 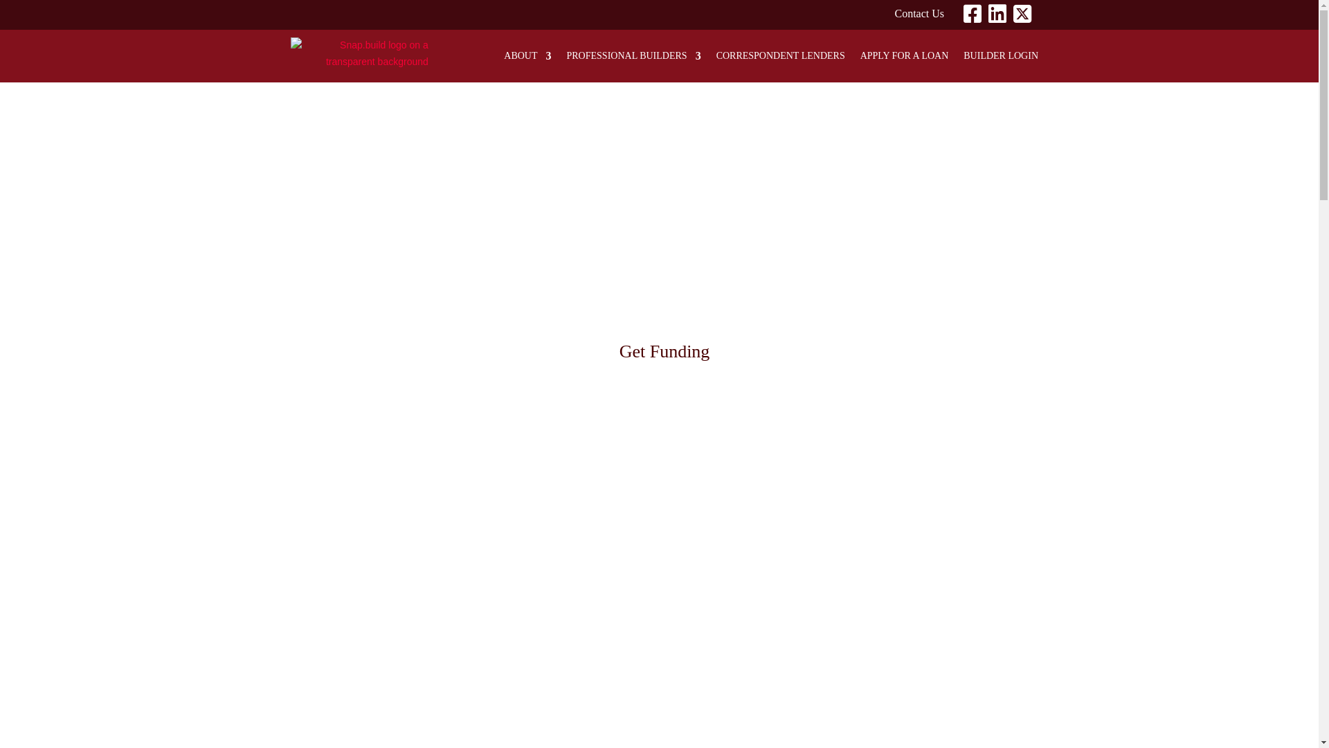 I want to click on 'Twitter', so click(x=1026, y=18).